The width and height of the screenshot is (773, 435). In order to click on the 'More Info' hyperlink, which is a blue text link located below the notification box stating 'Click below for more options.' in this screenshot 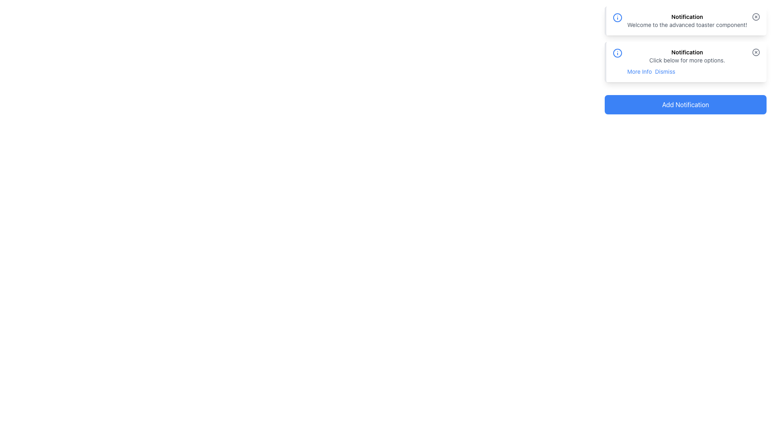, I will do `click(639, 71)`.